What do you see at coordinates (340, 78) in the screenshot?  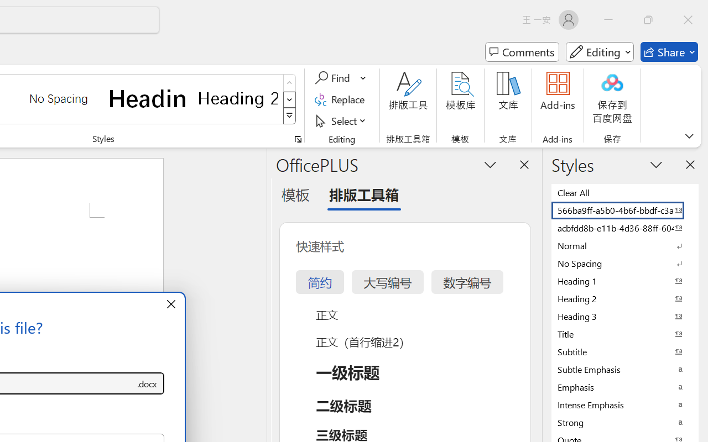 I see `'Find'` at bounding box center [340, 78].